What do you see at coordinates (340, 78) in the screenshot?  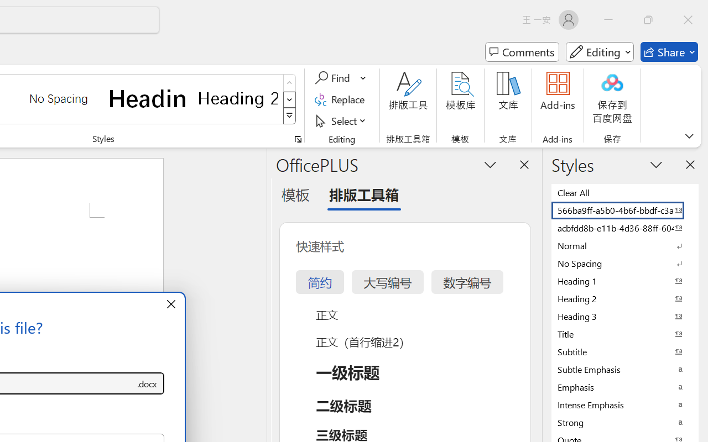 I see `'Find'` at bounding box center [340, 78].